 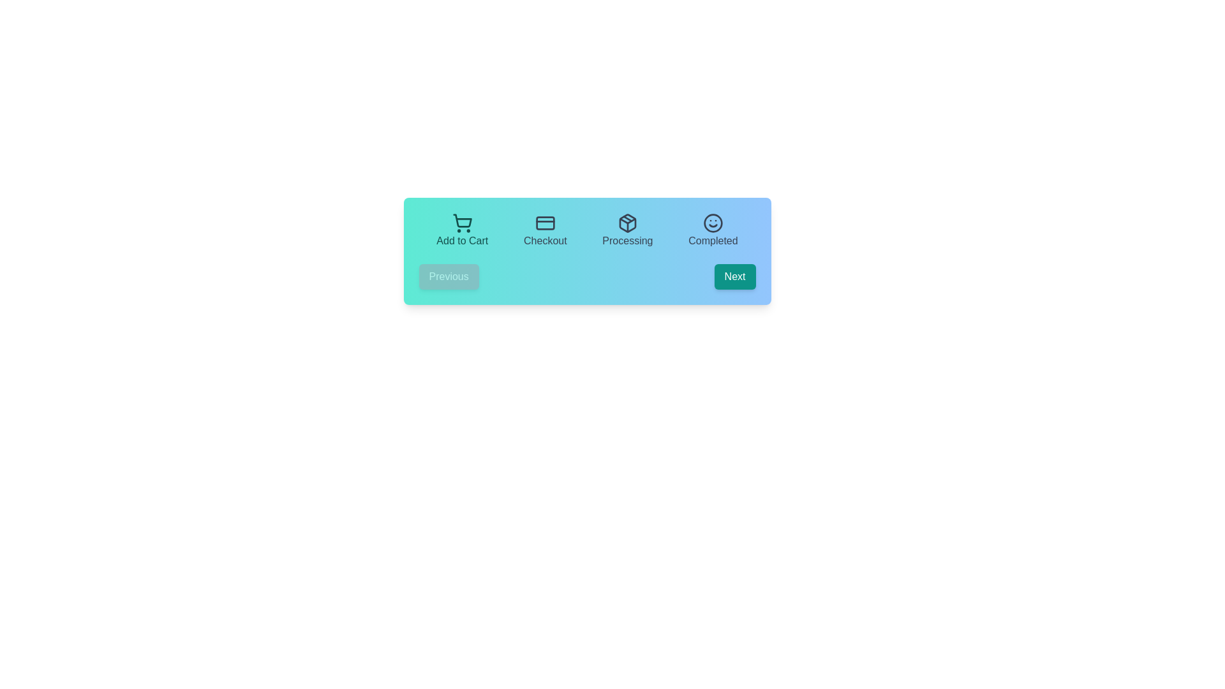 I want to click on the step labeled Processing to focus on it, so click(x=627, y=231).